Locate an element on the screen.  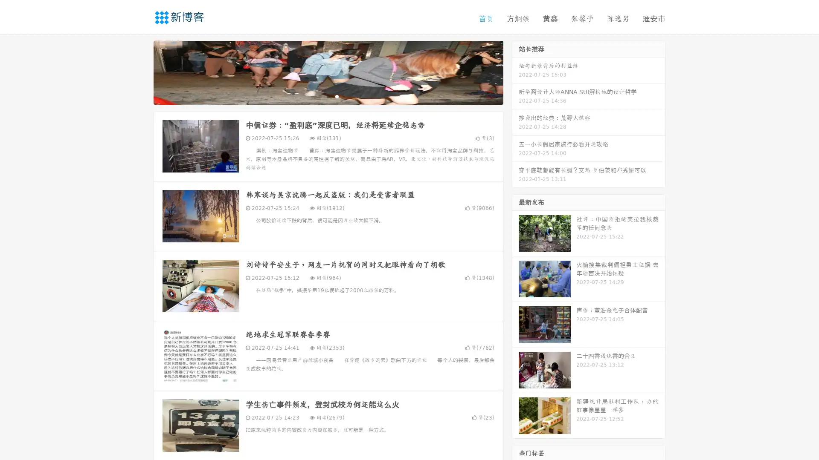
Go to slide 3 is located at coordinates (337, 96).